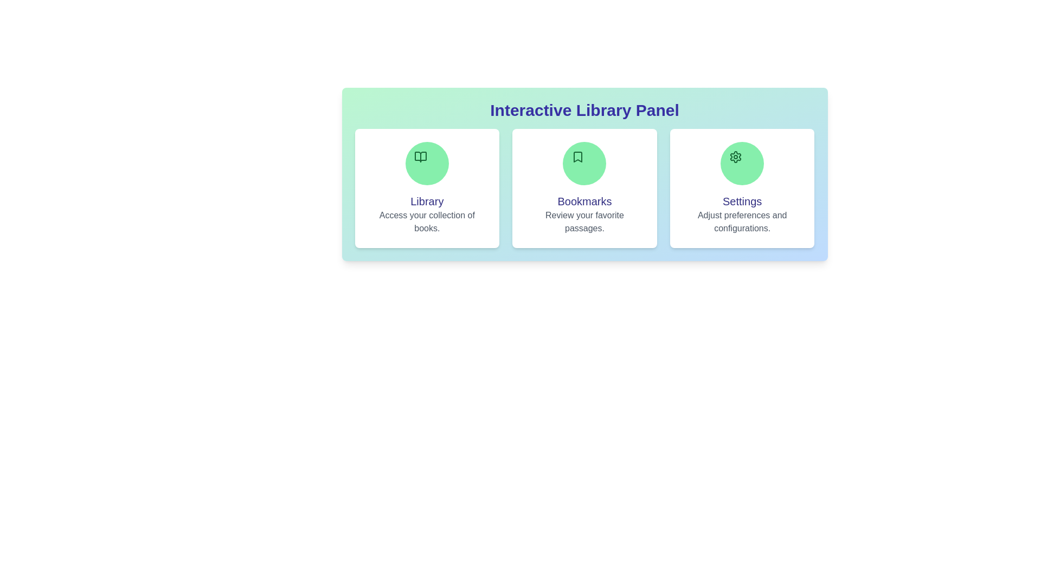 The image size is (1041, 585). Describe the element at coordinates (584, 110) in the screenshot. I see `the main title 'Interactive Library Panel' to focus on it` at that location.